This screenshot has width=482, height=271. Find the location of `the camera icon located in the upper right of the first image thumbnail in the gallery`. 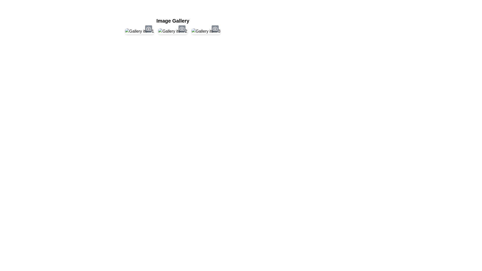

the camera icon located in the upper right of the first image thumbnail in the gallery is located at coordinates (148, 29).